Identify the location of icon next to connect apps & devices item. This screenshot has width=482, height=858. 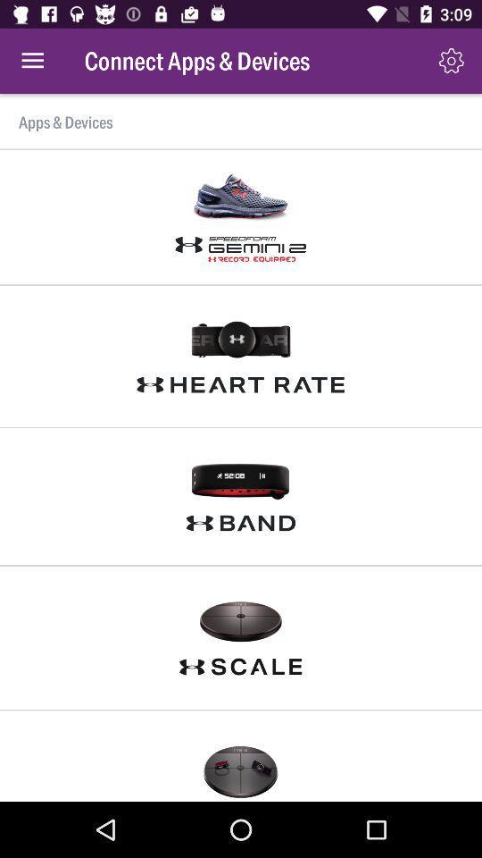
(450, 61).